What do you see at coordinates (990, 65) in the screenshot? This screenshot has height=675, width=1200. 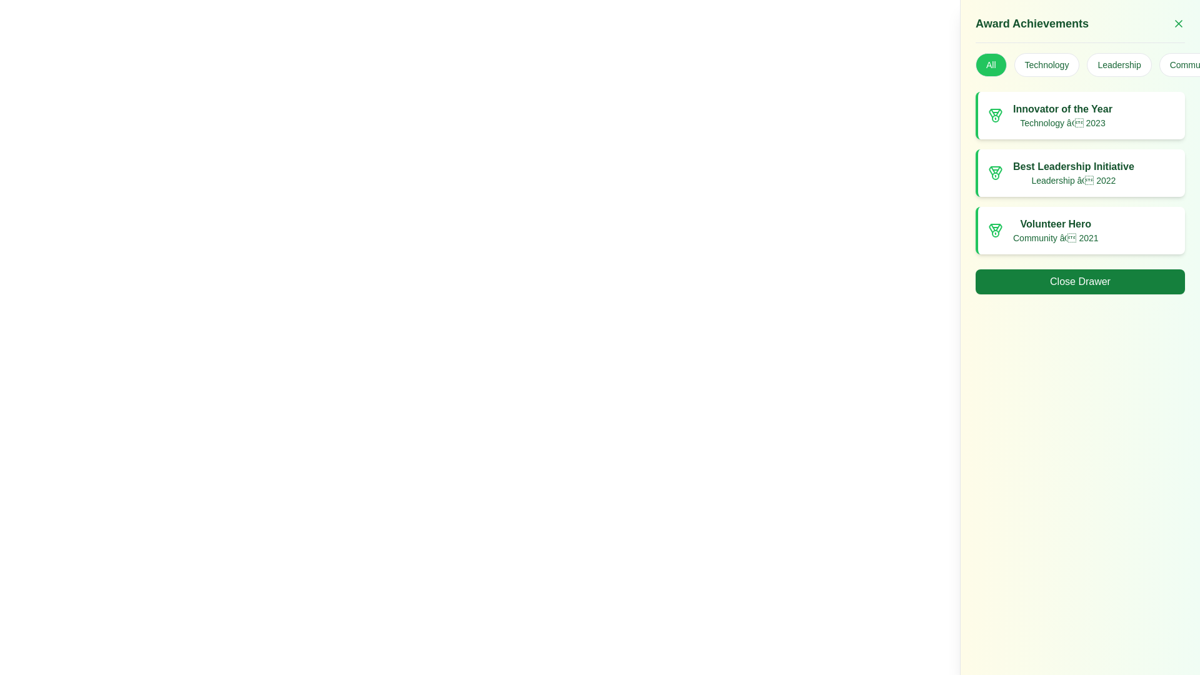 I see `the first button in the horizontal row within the 'Award Achievements' panel` at bounding box center [990, 65].